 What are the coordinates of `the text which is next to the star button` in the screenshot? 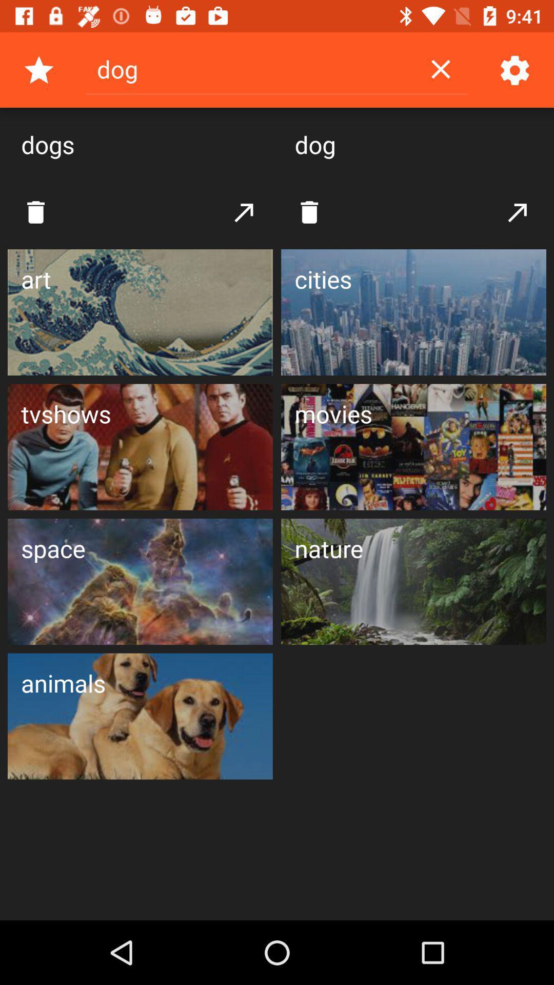 It's located at (250, 68).